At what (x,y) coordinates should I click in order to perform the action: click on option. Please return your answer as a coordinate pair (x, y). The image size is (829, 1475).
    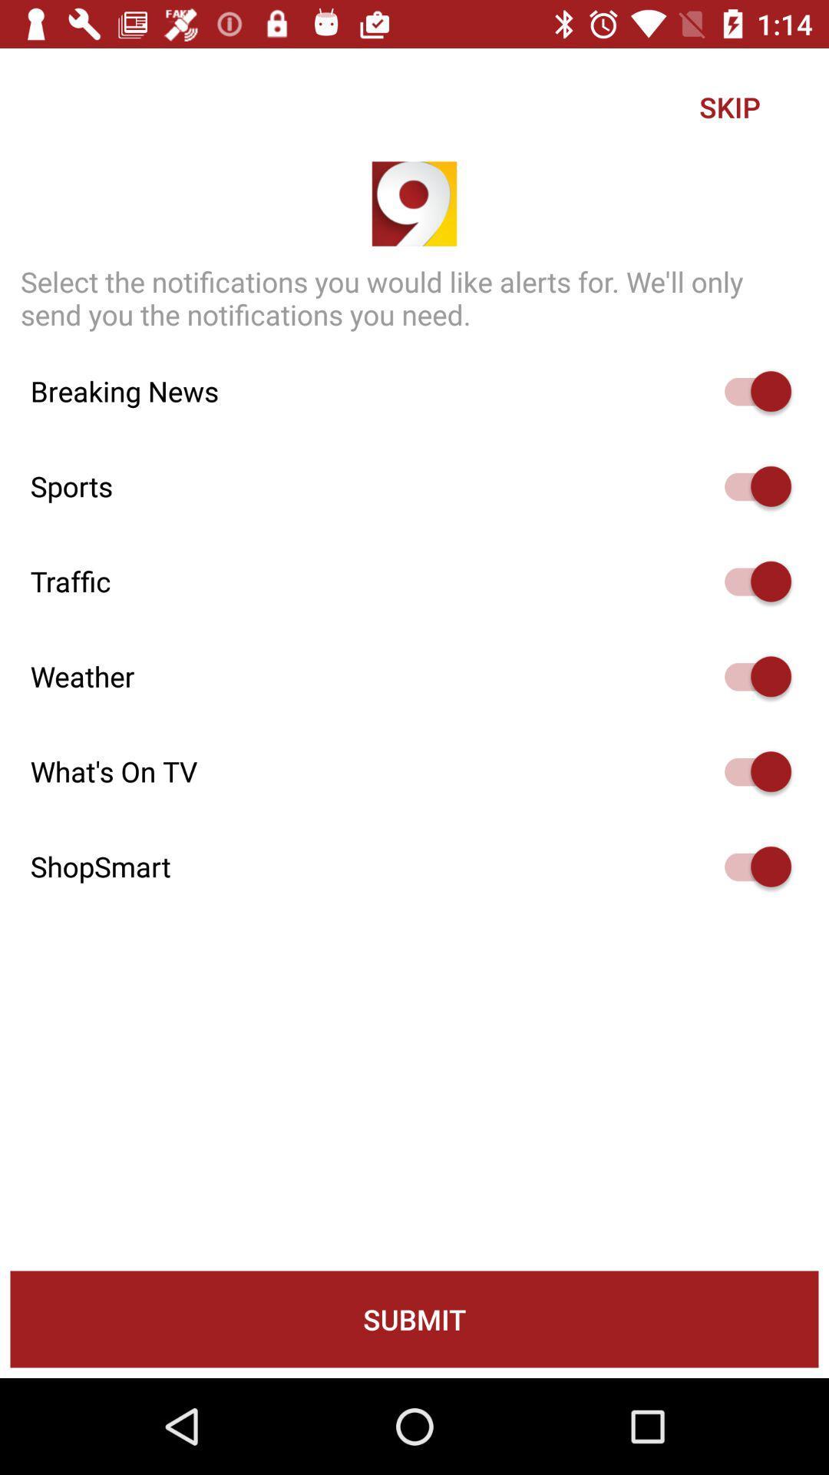
    Looking at the image, I should click on (750, 867).